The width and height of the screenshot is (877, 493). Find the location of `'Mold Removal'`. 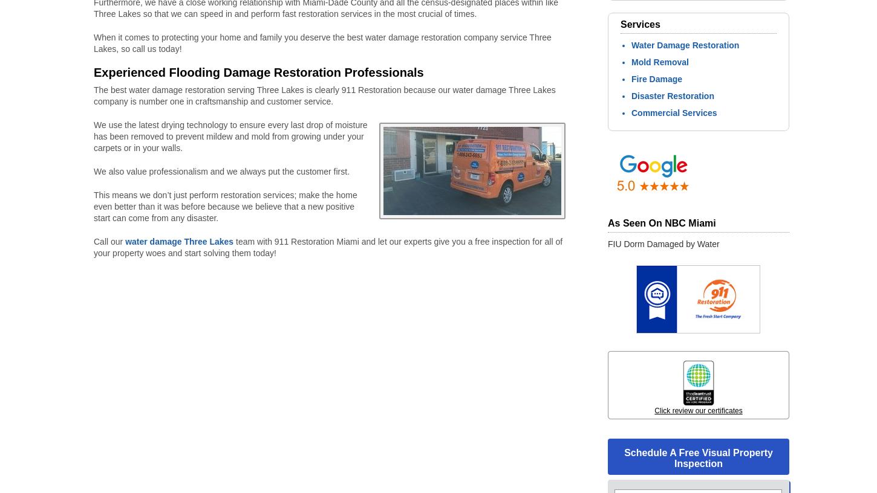

'Mold Removal' is located at coordinates (631, 61).